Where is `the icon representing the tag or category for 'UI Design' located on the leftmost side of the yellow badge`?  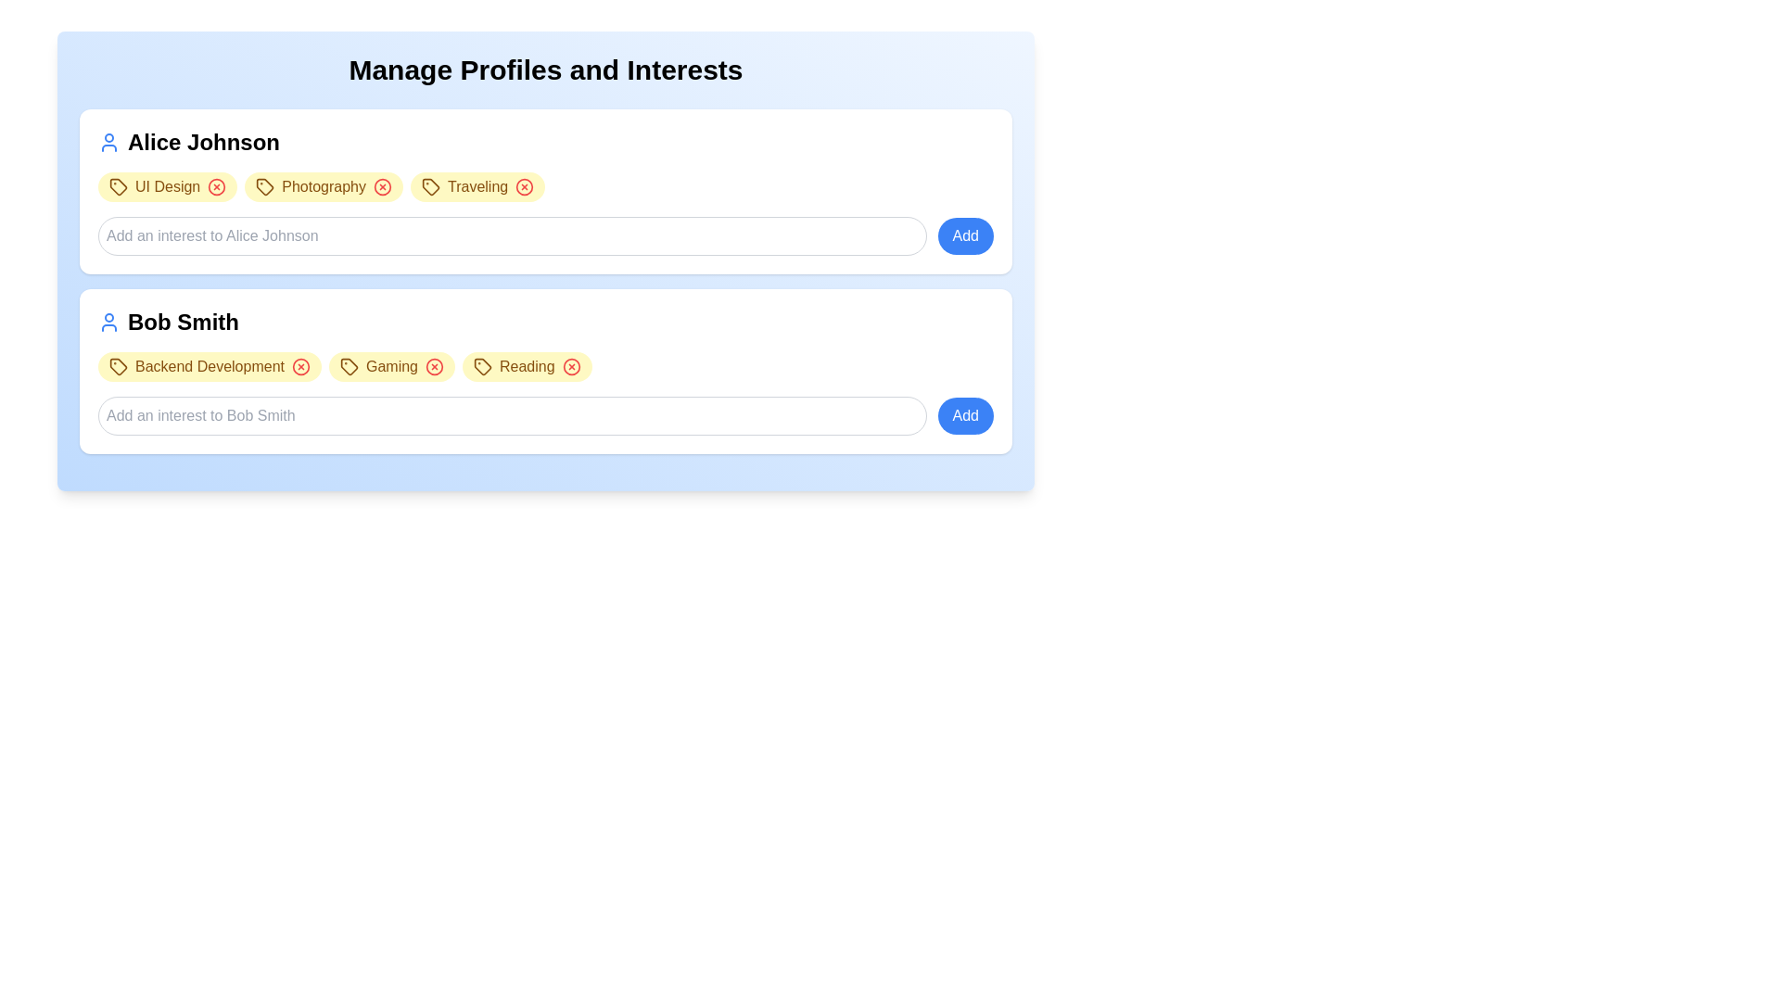 the icon representing the tag or category for 'UI Design' located on the leftmost side of the yellow badge is located at coordinates (118, 186).